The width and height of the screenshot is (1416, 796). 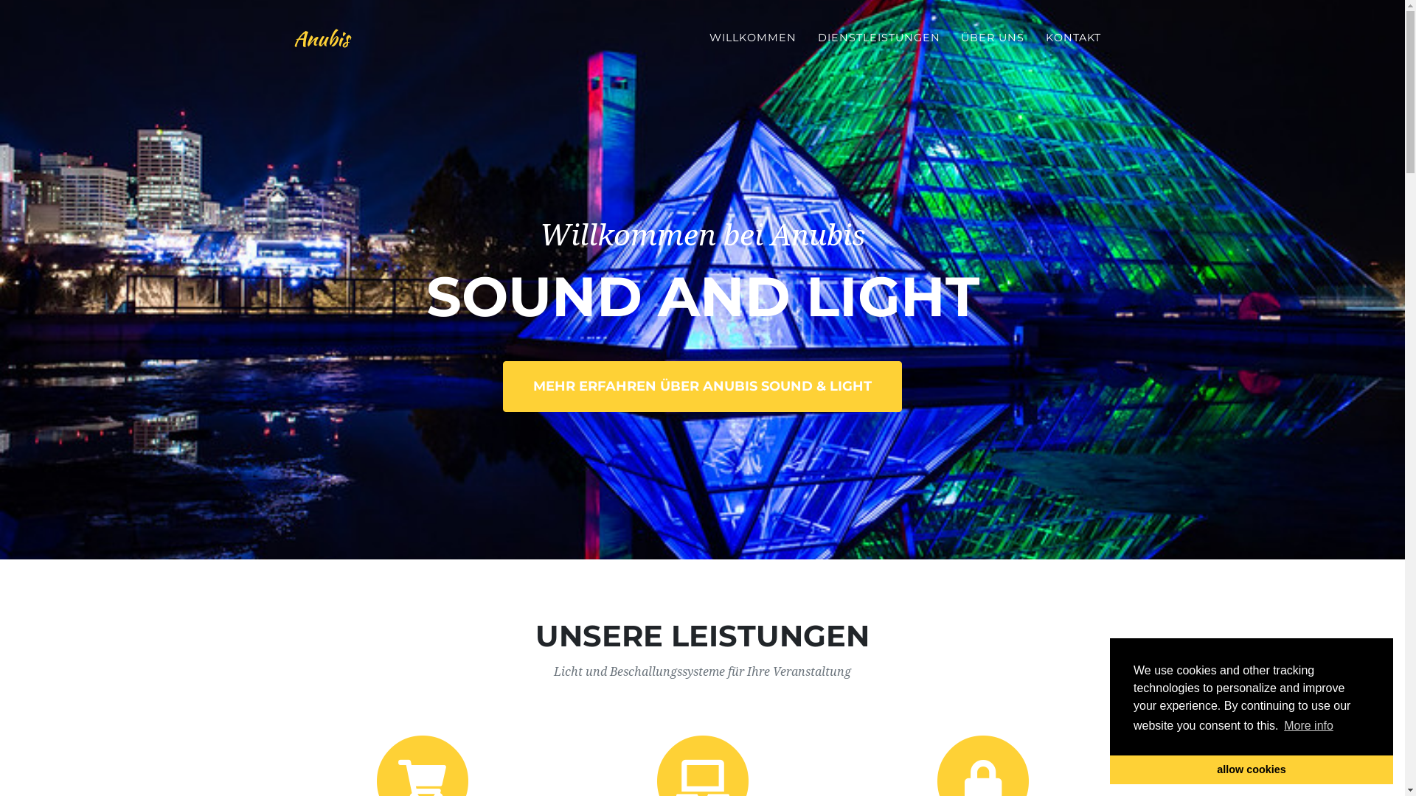 What do you see at coordinates (752, 37) in the screenshot?
I see `'WILLKOMMEN'` at bounding box center [752, 37].